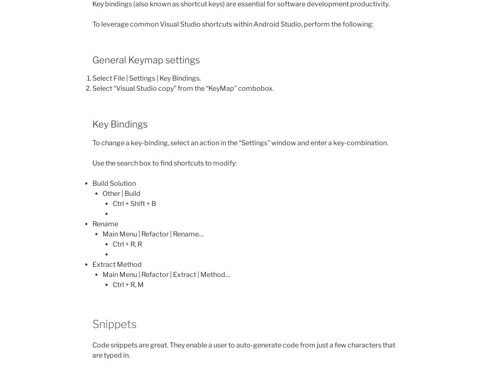 The image size is (497, 369). I want to click on 'Ctrl + R, M', so click(128, 284).